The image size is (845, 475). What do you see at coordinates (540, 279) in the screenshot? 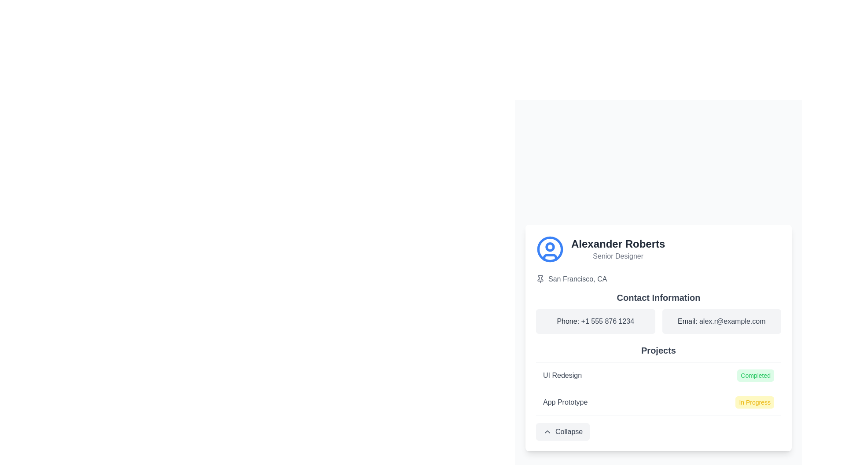
I see `the visual indicator icon representing a location, which is positioned to the left of the text 'San Francisco, CA' within the user profile card` at bounding box center [540, 279].